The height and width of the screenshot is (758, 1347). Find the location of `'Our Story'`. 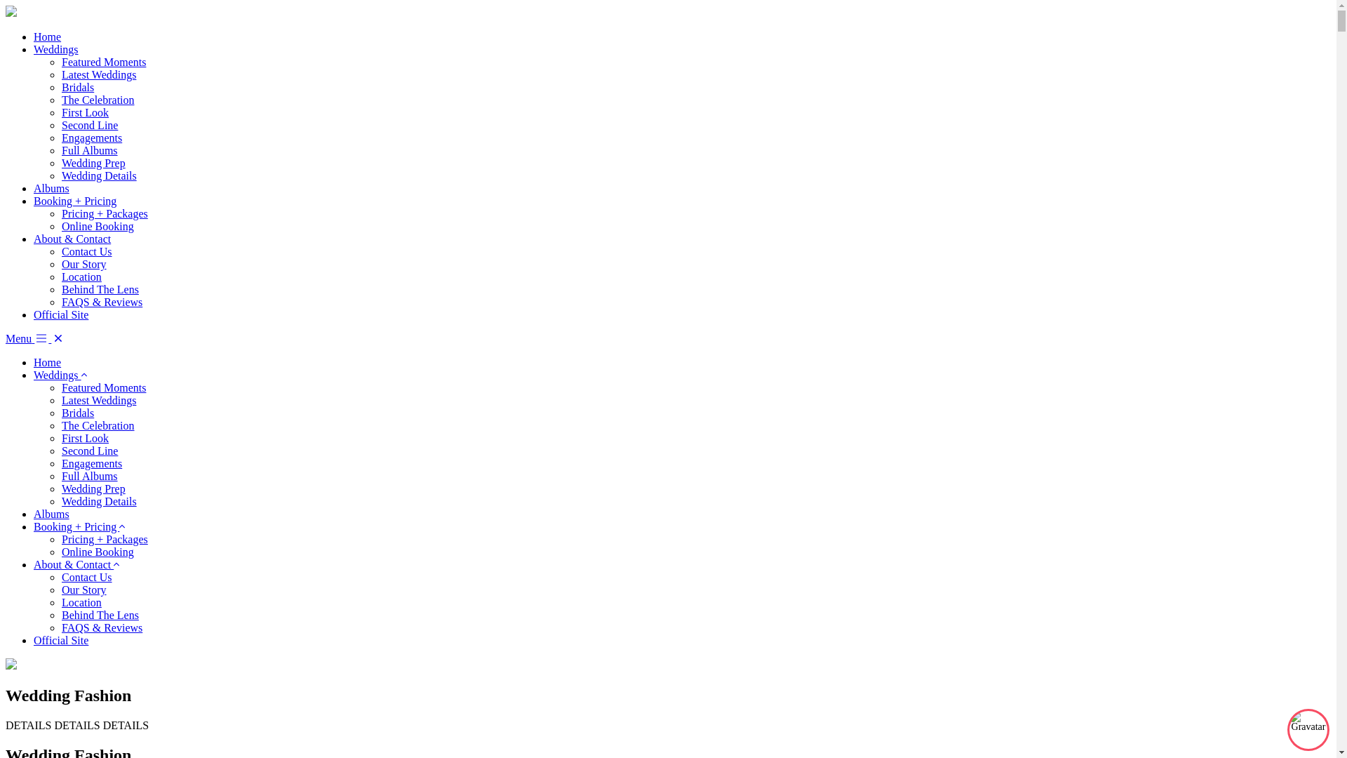

'Our Story' is located at coordinates (60, 264).